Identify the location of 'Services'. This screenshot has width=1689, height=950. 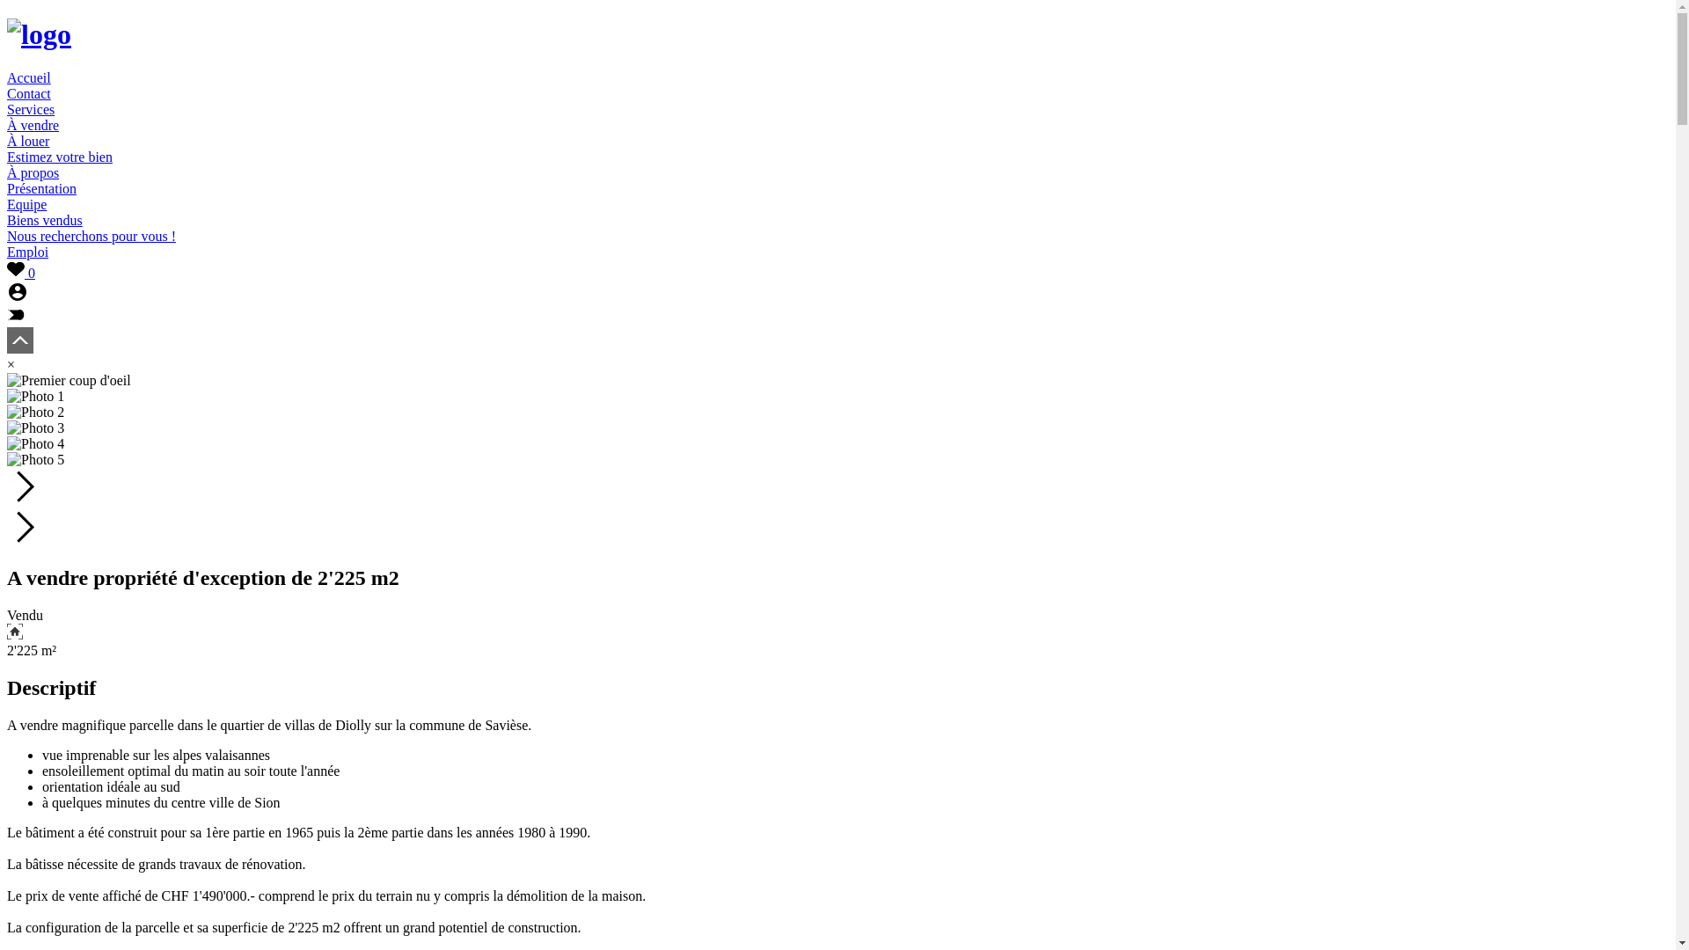
(30, 109).